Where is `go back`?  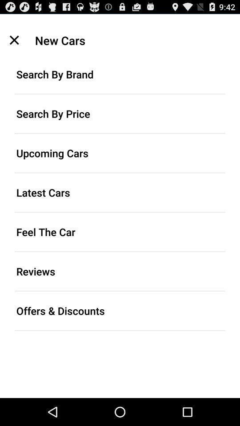
go back is located at coordinates (14, 40).